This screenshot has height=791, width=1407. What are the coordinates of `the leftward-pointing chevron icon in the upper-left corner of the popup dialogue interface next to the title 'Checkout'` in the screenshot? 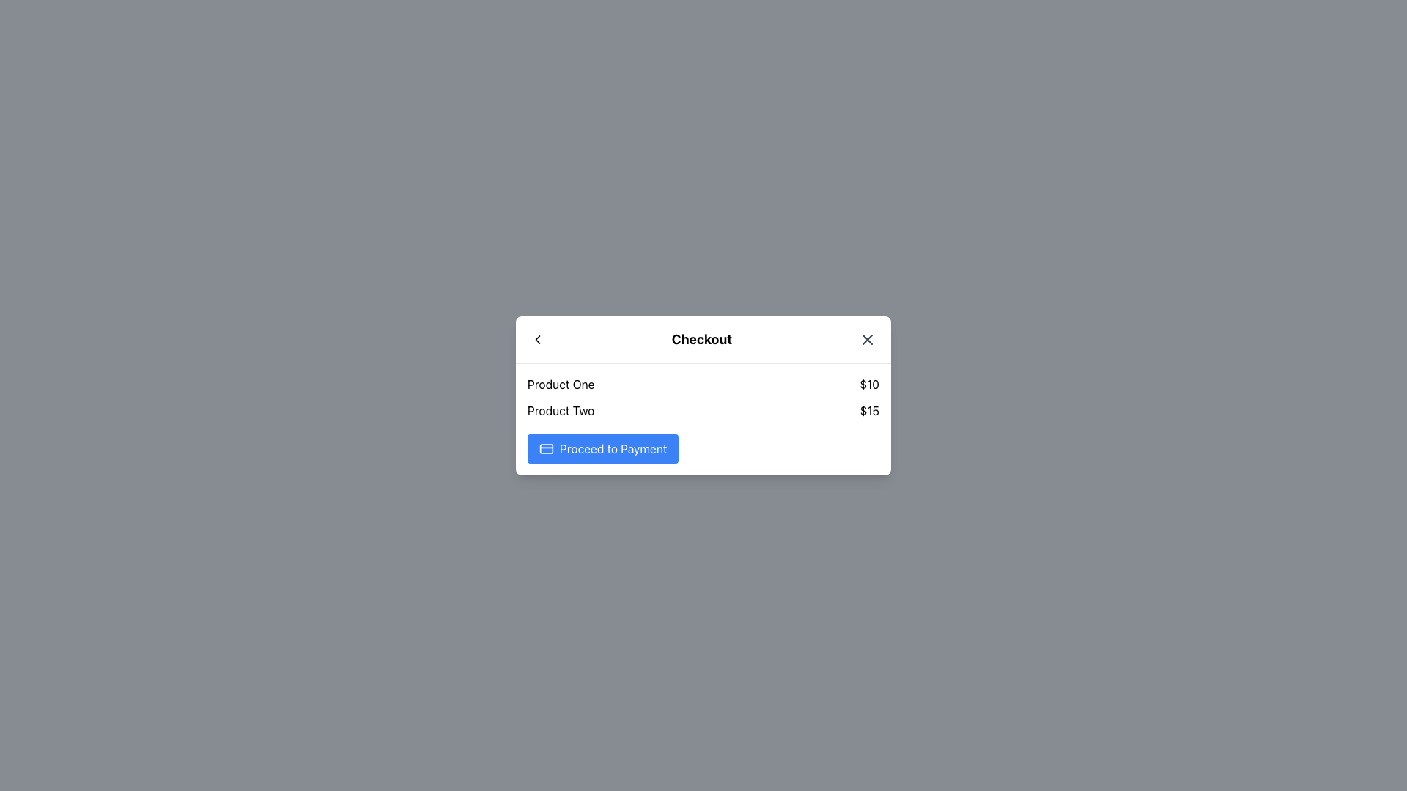 It's located at (537, 339).